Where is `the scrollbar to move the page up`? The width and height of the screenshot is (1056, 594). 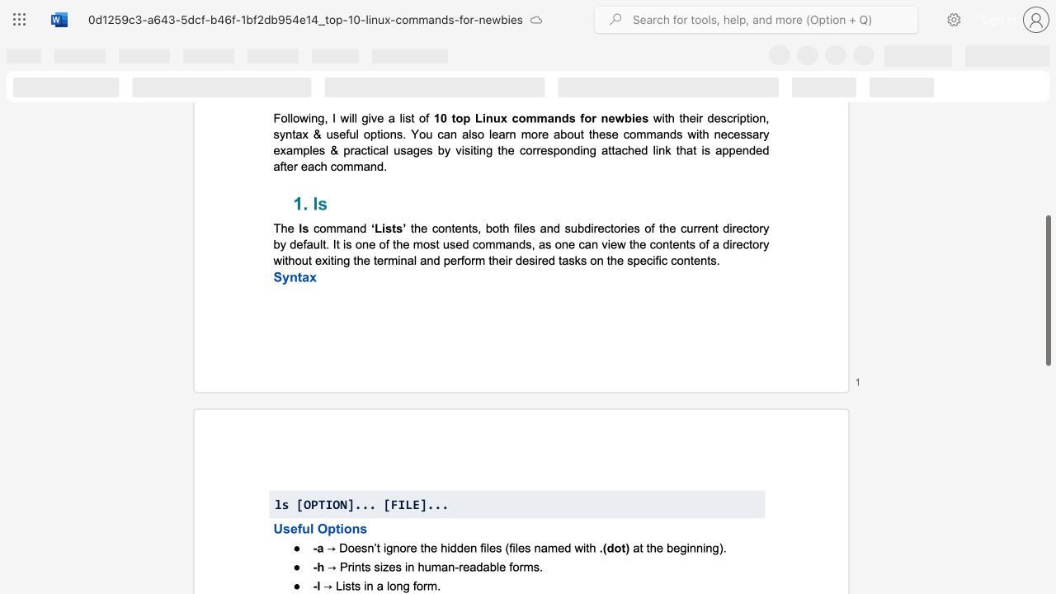
the scrollbar to move the page up is located at coordinates (1047, 181).